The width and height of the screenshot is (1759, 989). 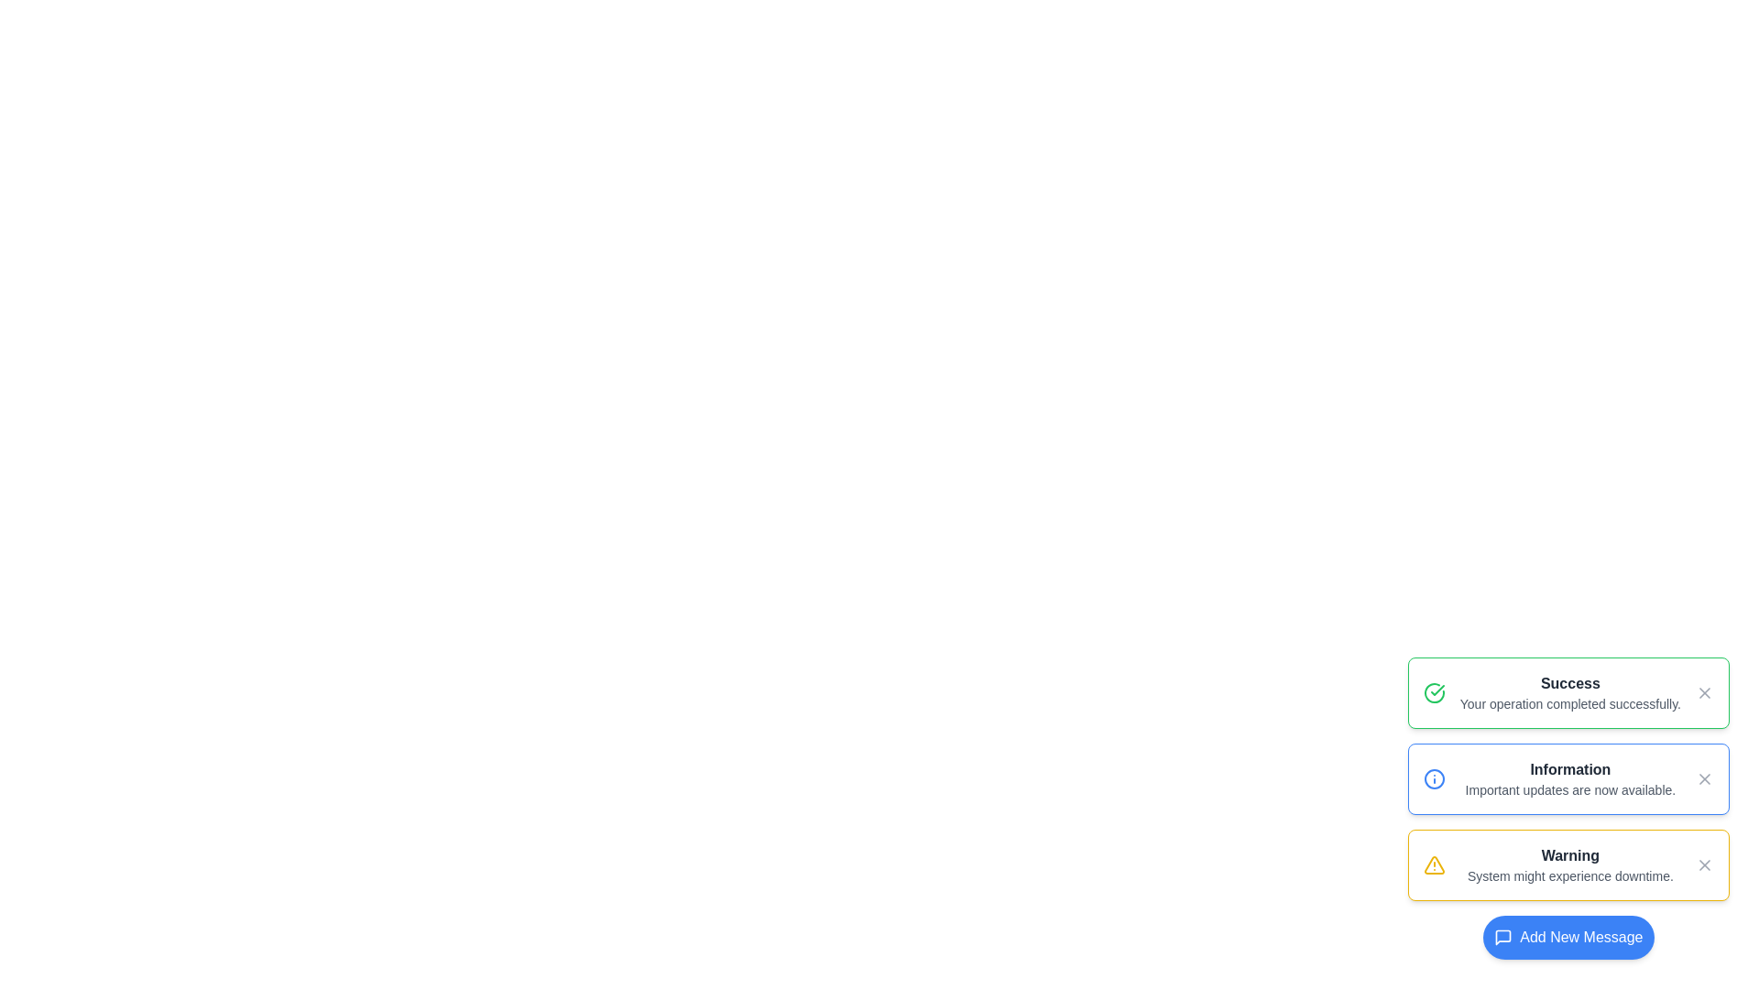 What do you see at coordinates (1503, 937) in the screenshot?
I see `the speech bubble icon located inside the 'Add New Message' button at the bottom-right corner of the interface` at bounding box center [1503, 937].